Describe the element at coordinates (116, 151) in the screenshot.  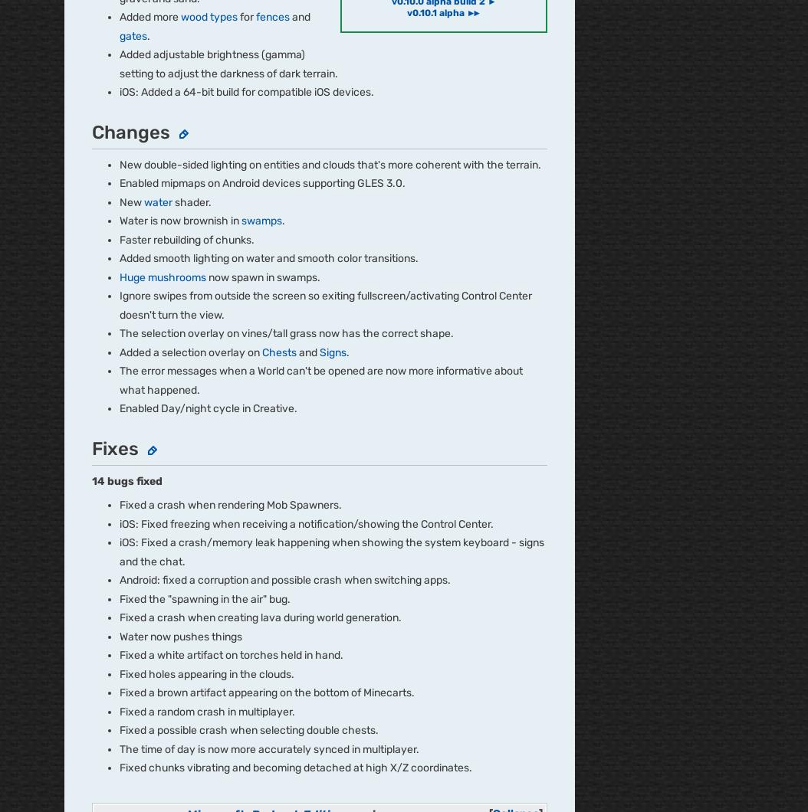
I see `'Explore properties'` at that location.